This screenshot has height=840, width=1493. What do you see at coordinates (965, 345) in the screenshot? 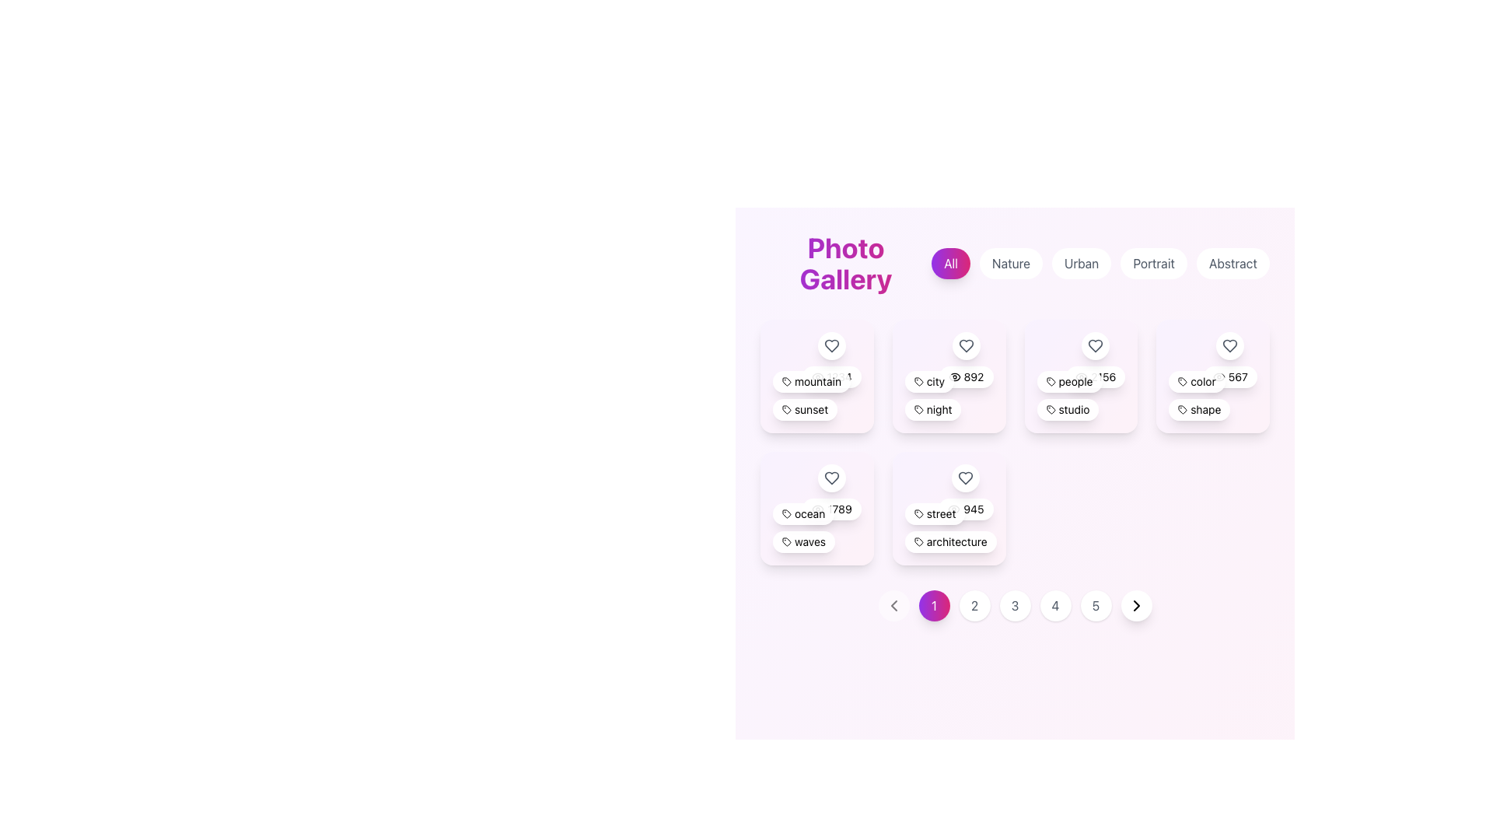
I see `the heart icon located within the second card from the left in the photo gallery interface to like or favorite the item` at bounding box center [965, 345].